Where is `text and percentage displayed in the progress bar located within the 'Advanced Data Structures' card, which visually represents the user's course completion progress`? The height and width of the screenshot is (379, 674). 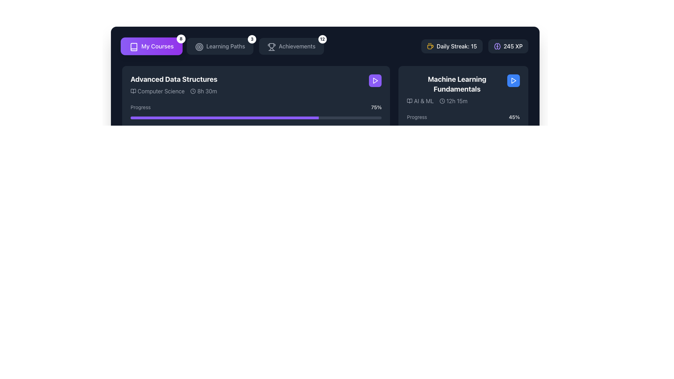
text and percentage displayed in the progress bar located within the 'Advanced Data Structures' card, which visually represents the user's course completion progress is located at coordinates (256, 111).